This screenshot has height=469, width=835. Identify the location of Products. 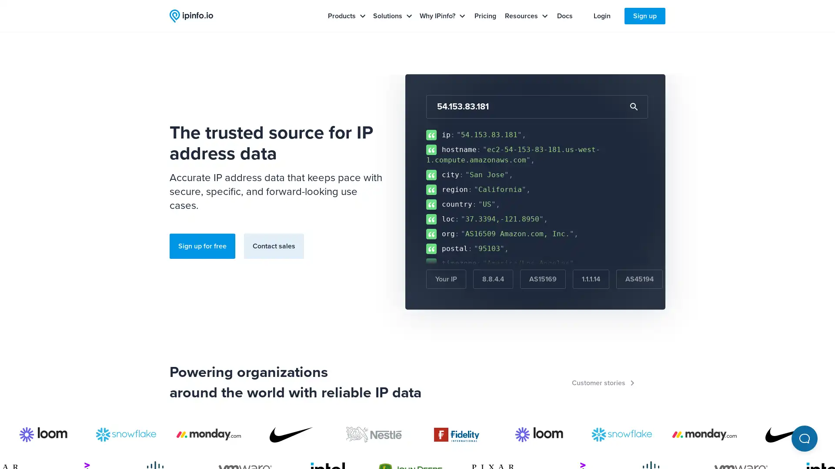
(346, 16).